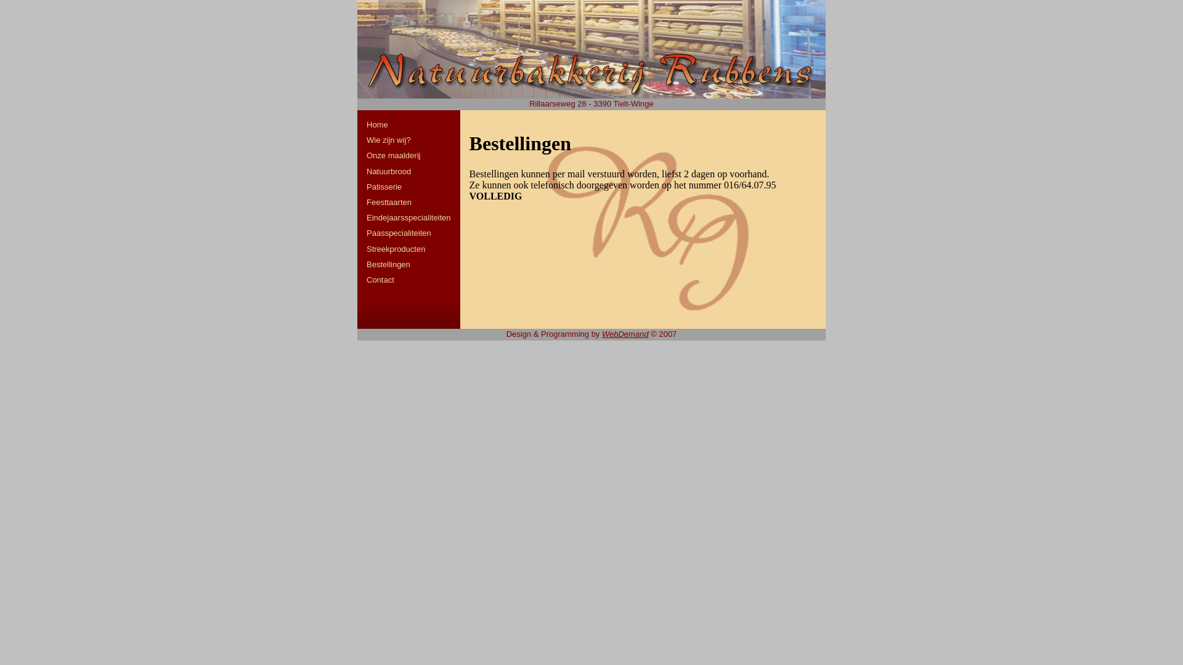 This screenshot has height=665, width=1183. Describe the element at coordinates (591, 49) in the screenshot. I see `'Home'` at that location.